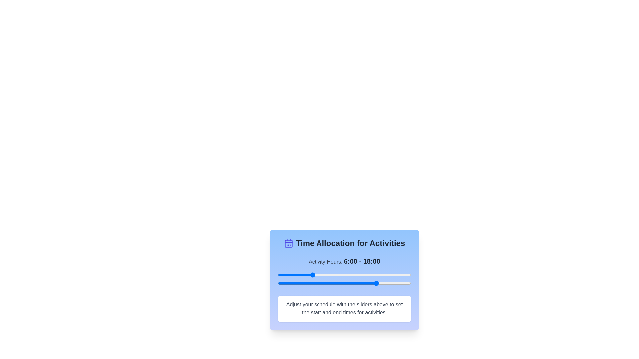 This screenshot has height=359, width=639. I want to click on the end time slider to 15 hours, so click(360, 283).